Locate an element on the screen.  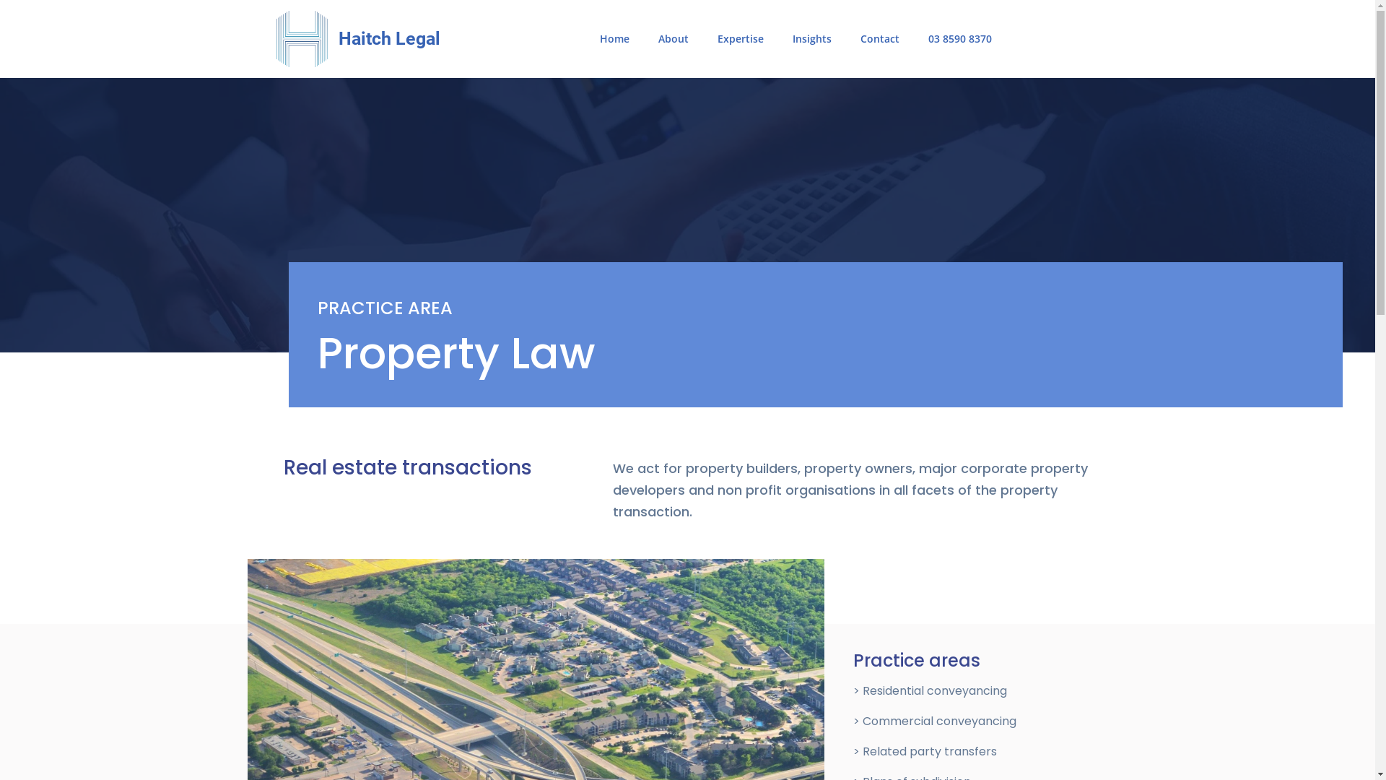
'Haitch Legal' is located at coordinates (389, 38).